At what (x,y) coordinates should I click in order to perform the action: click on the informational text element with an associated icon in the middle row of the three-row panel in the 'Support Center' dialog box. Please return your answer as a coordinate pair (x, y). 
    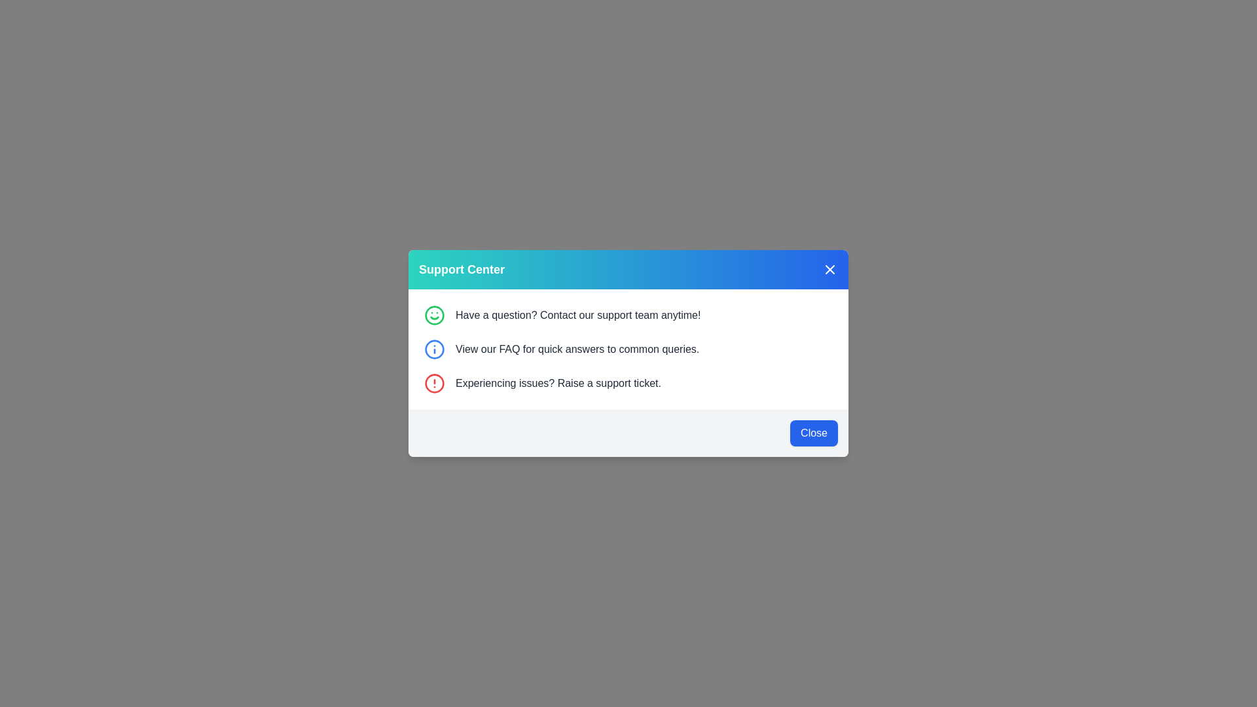
    Looking at the image, I should click on (628, 348).